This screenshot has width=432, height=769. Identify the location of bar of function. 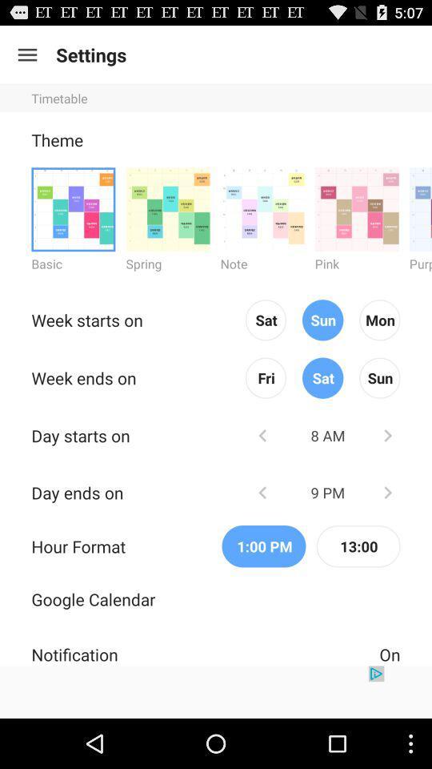
(26, 54).